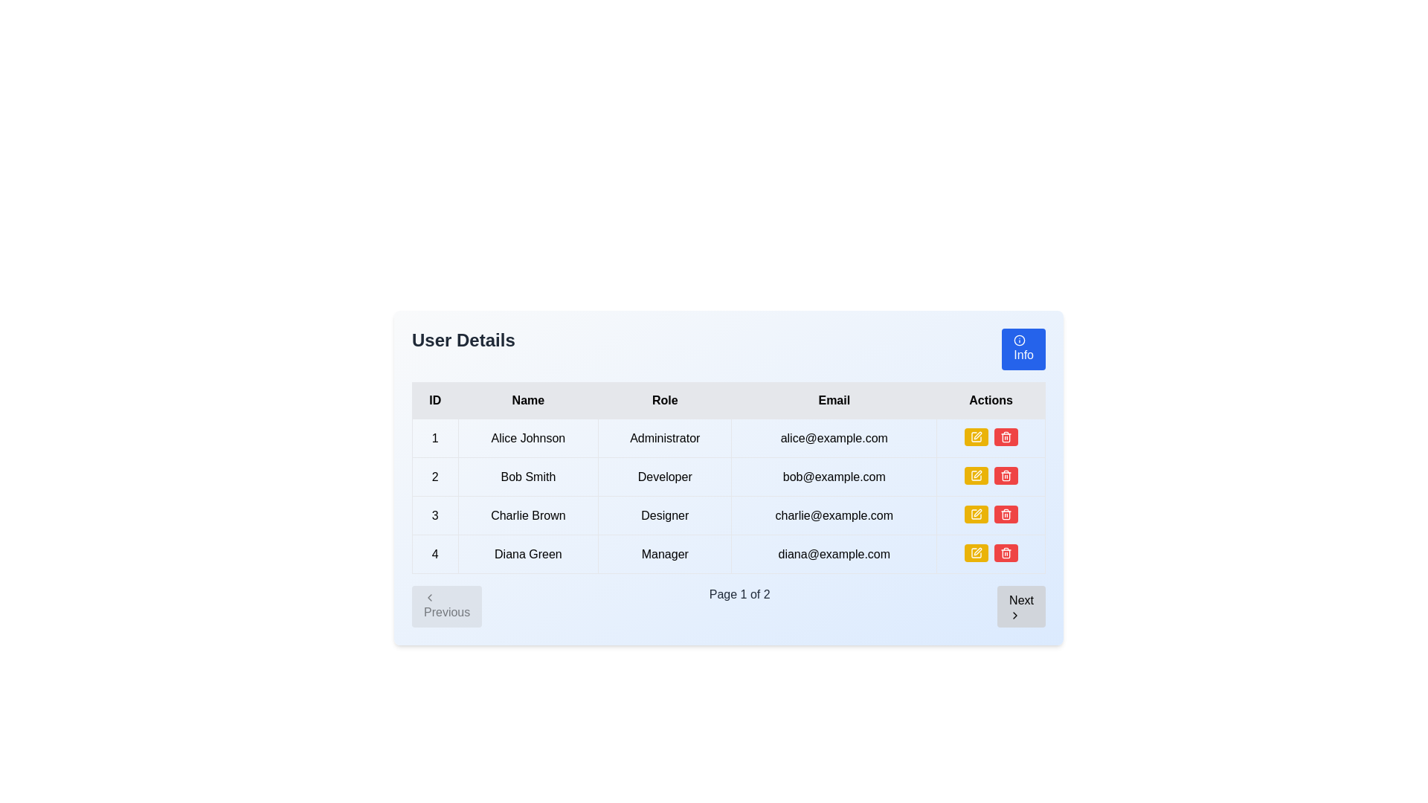 The height and width of the screenshot is (803, 1428). I want to click on the delete icon button located in the 'Actions' column of the last user row in the table, so click(1006, 476).